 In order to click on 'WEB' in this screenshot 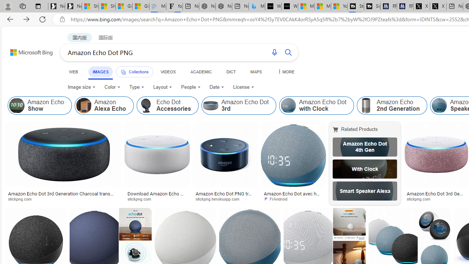, I will do `click(74, 71)`.